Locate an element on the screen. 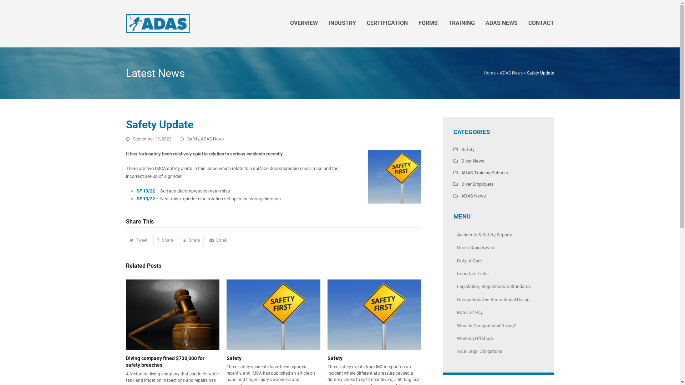 This screenshot has height=385, width=685. 'SF 13/22' is located at coordinates (145, 190).